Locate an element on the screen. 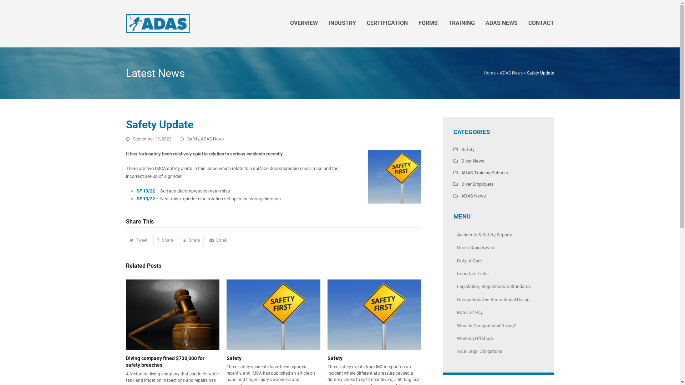 This screenshot has height=385, width=685. 'SF 13/22' is located at coordinates (145, 190).